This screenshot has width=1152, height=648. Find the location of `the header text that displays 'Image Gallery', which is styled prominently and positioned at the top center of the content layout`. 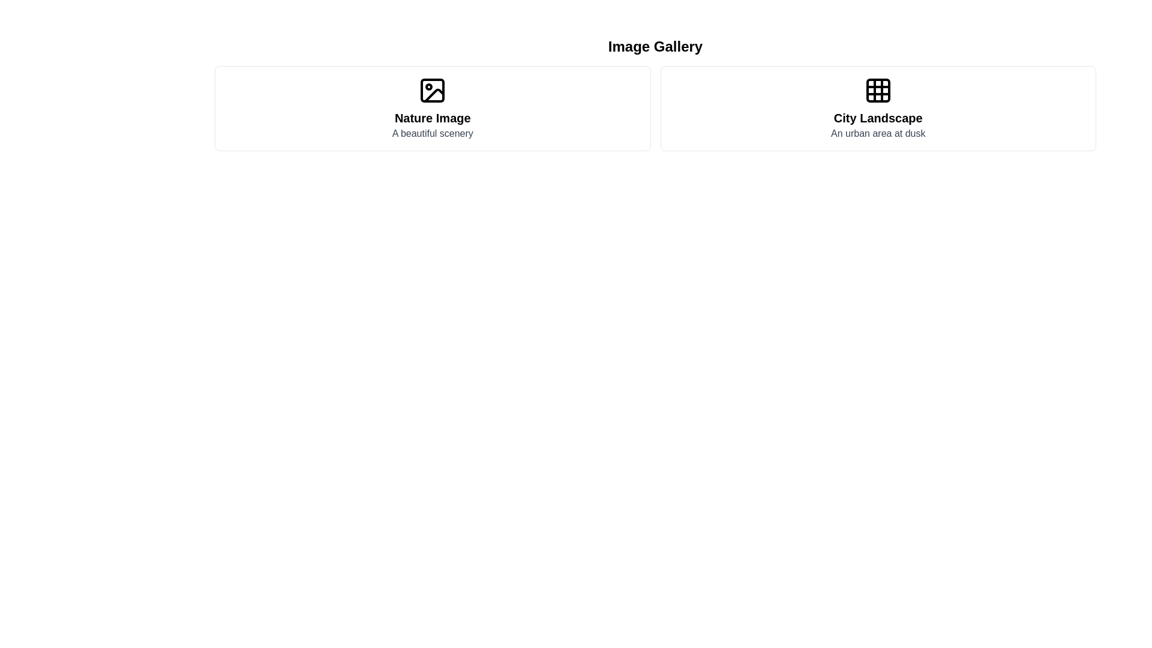

the header text that displays 'Image Gallery', which is styled prominently and positioned at the top center of the content layout is located at coordinates (655, 46).